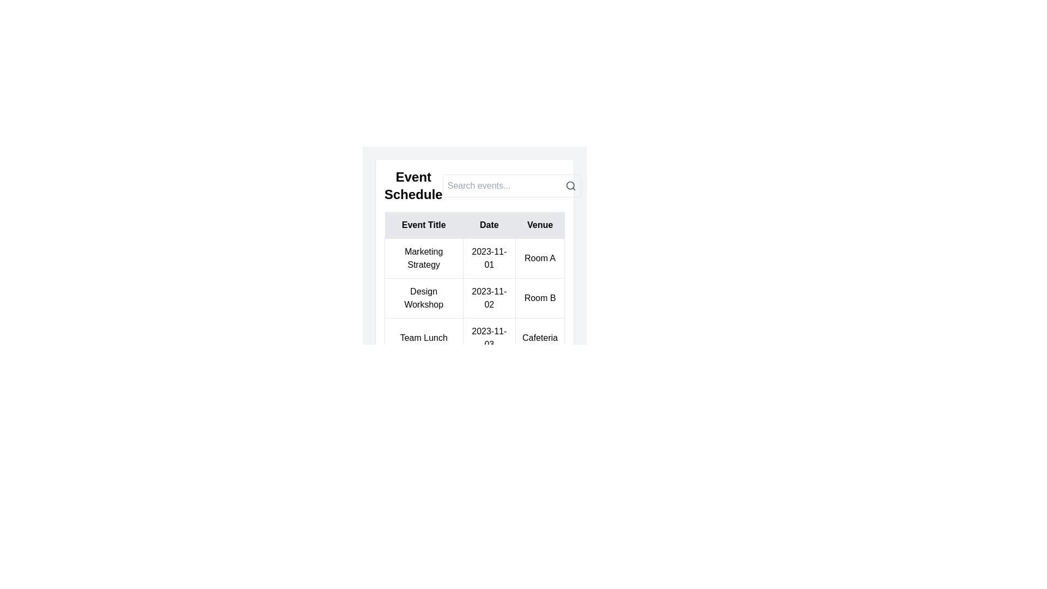 The image size is (1047, 589). What do you see at coordinates (540, 338) in the screenshot?
I see `the static text displaying the venue or location of the event, positioned in the bottom-right corner of the table under the 'Venue' column` at bounding box center [540, 338].